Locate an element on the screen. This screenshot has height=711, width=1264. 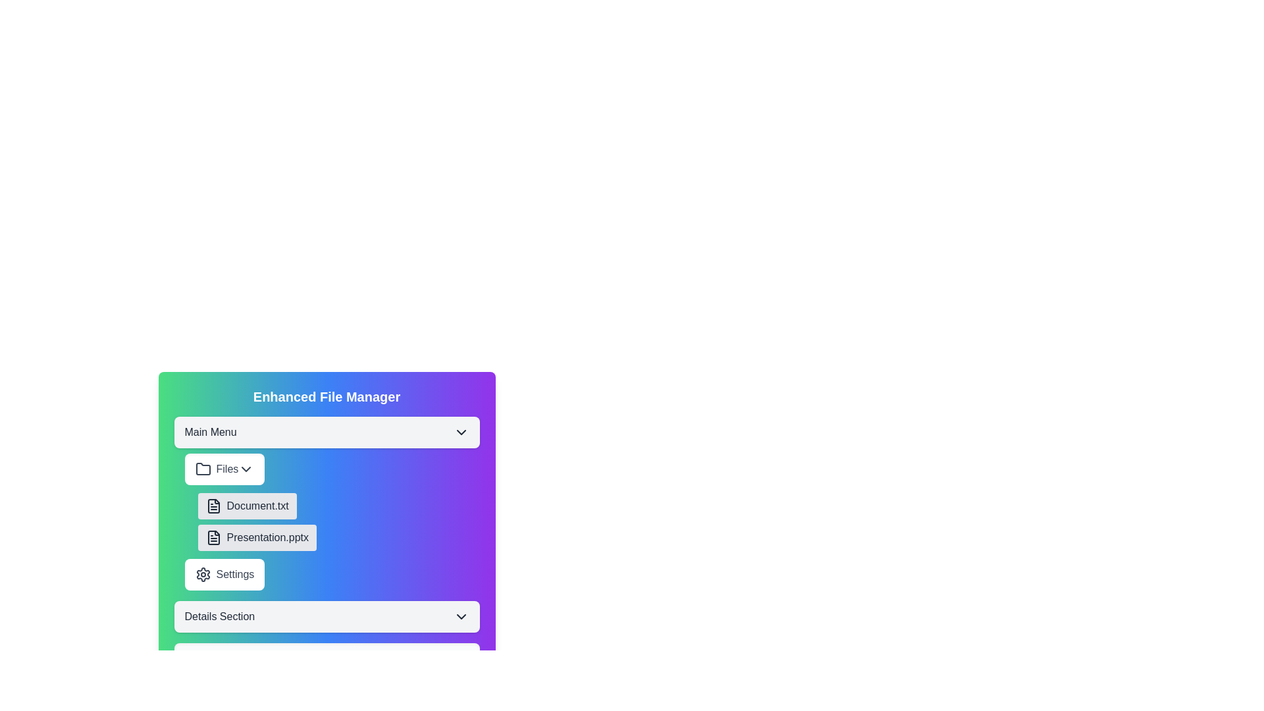
the 'Details Section' button with a light gray background and rounded edges located at the bottom of the 'Enhanced File Manager' list is located at coordinates (327, 617).